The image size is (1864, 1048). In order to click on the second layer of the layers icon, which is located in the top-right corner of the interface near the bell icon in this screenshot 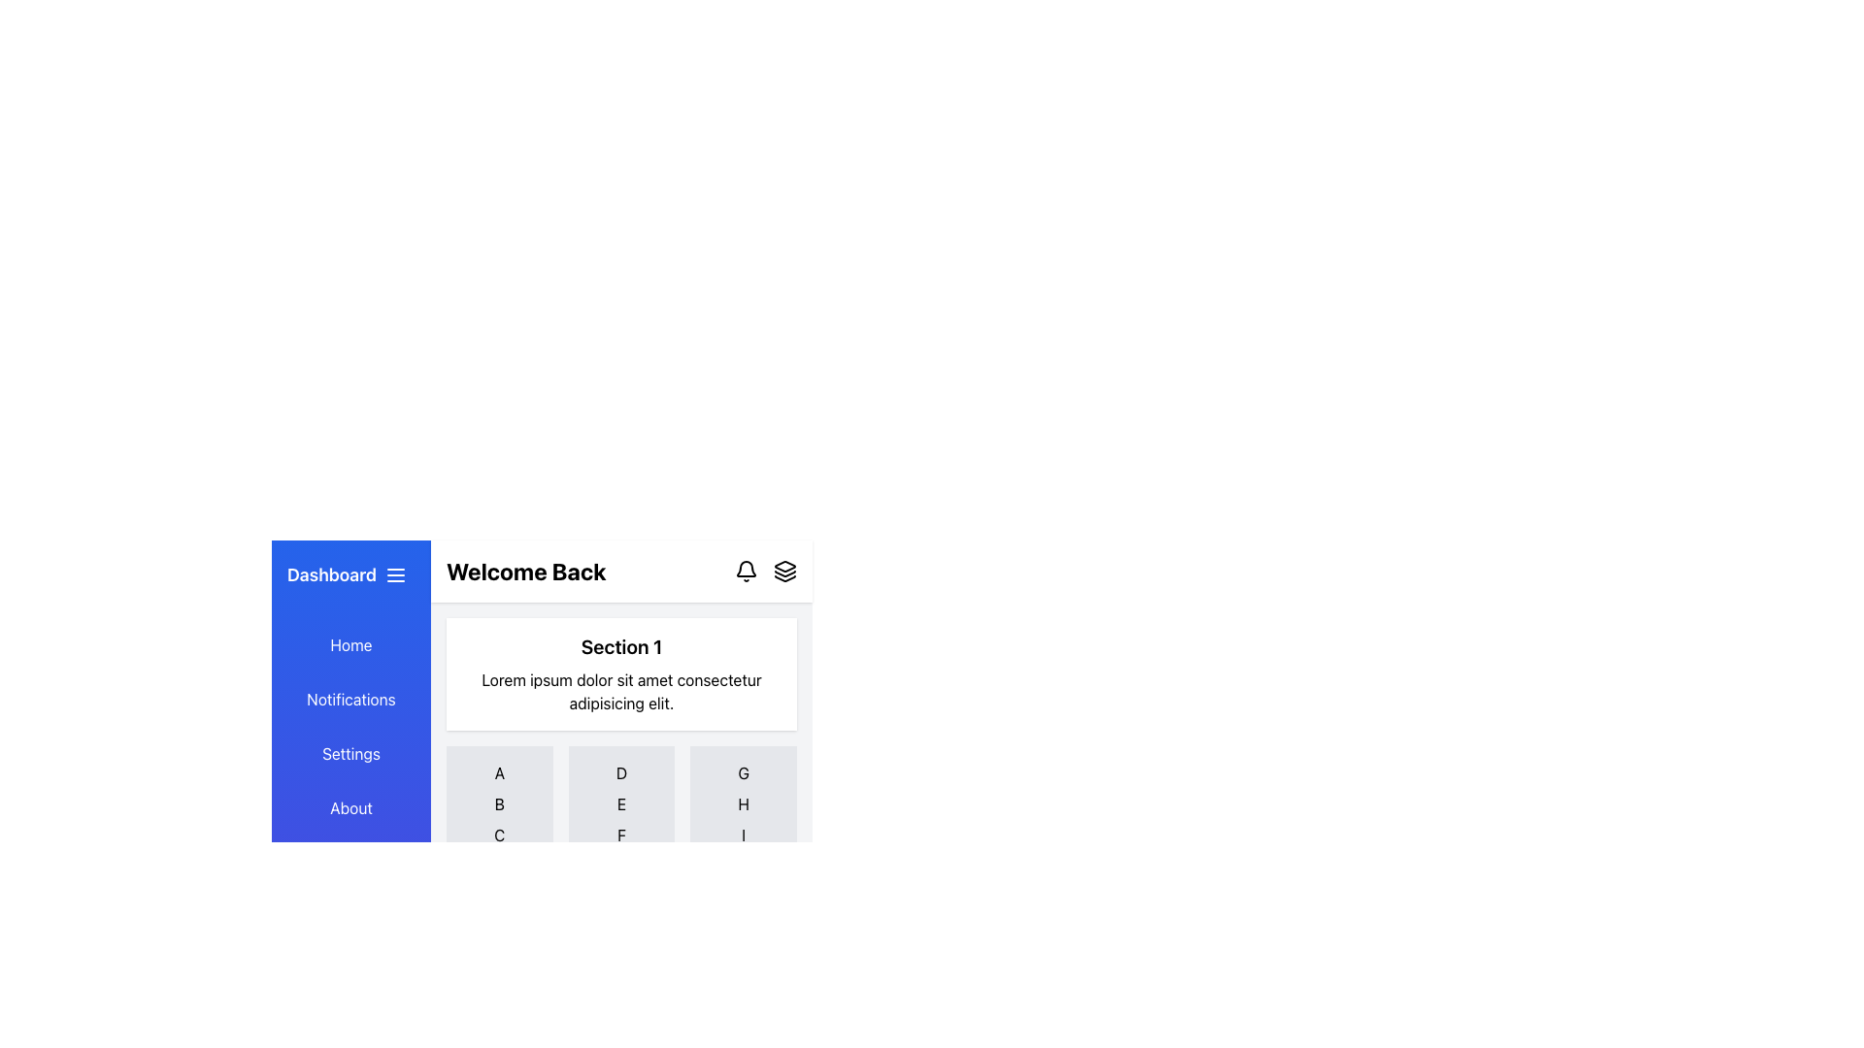, I will do `click(785, 572)`.